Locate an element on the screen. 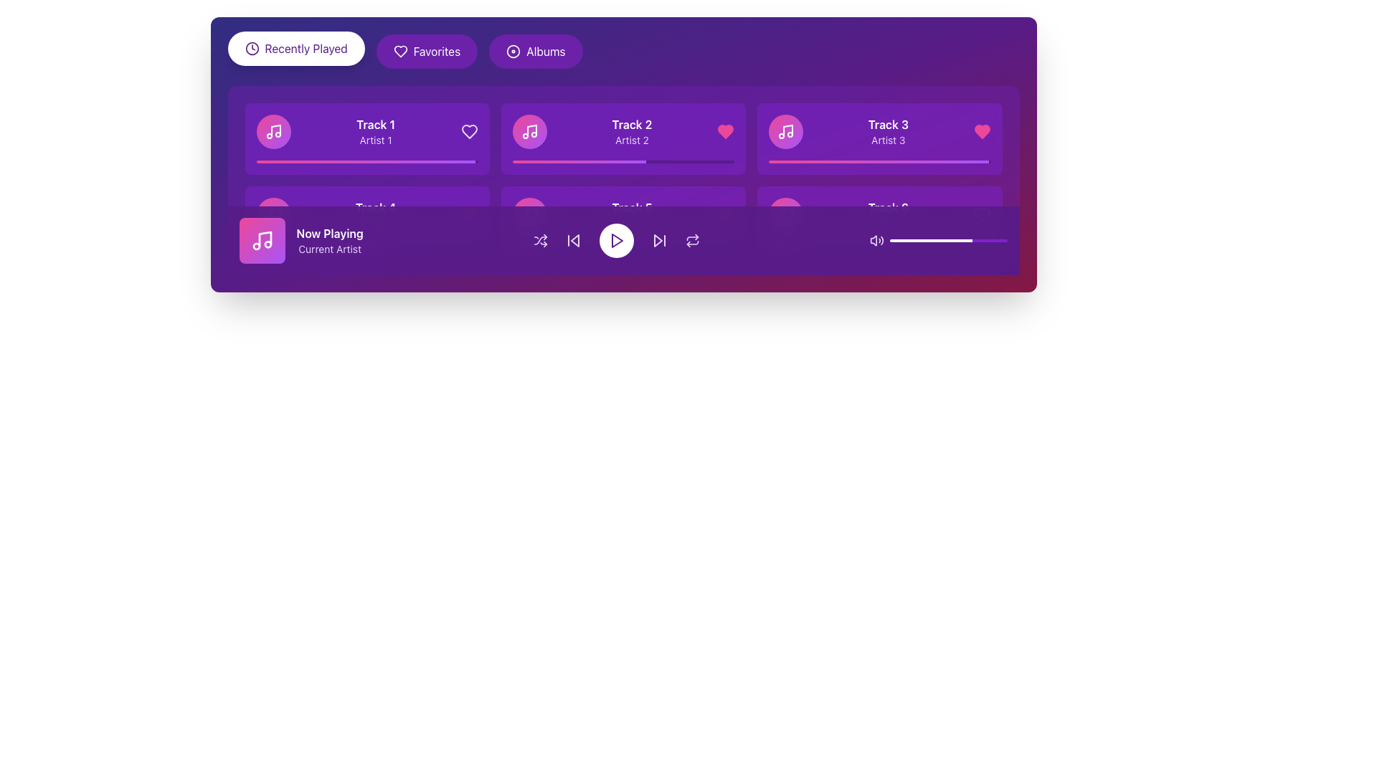 This screenshot has width=1377, height=774. the progress bar, which is a narrow horizontal bar with a gradient color transitioning from pink to purple, located within the bottom section of the media player interface is located at coordinates (523, 244).